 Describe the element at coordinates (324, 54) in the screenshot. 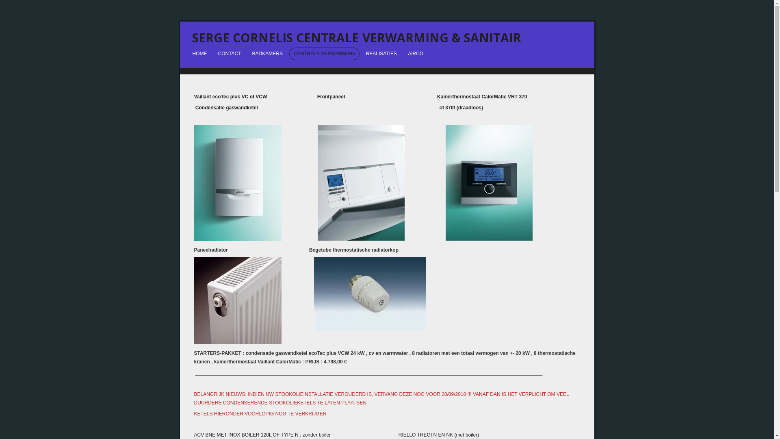

I see `'CENTRALE VERWARMING'` at that location.